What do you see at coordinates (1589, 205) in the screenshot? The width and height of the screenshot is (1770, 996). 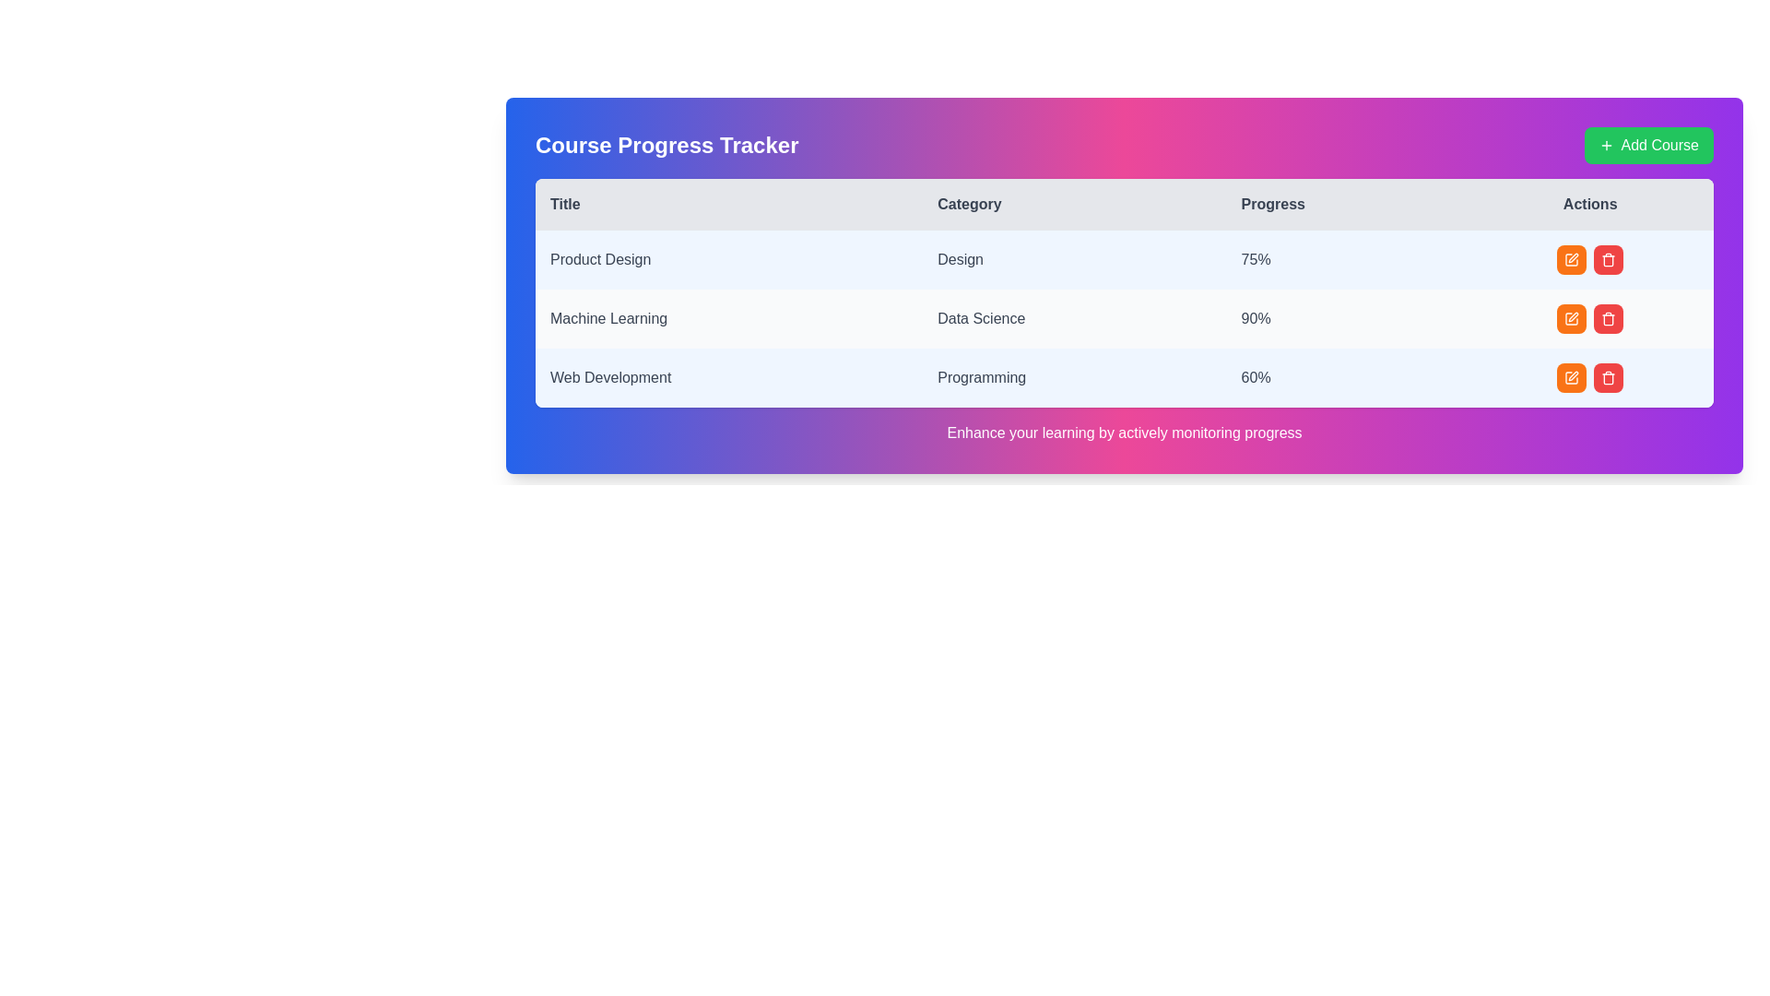 I see `the fourth column header label in the tabular layout, which indicates the purpose of the column containing interactive buttons for actions` at bounding box center [1589, 205].